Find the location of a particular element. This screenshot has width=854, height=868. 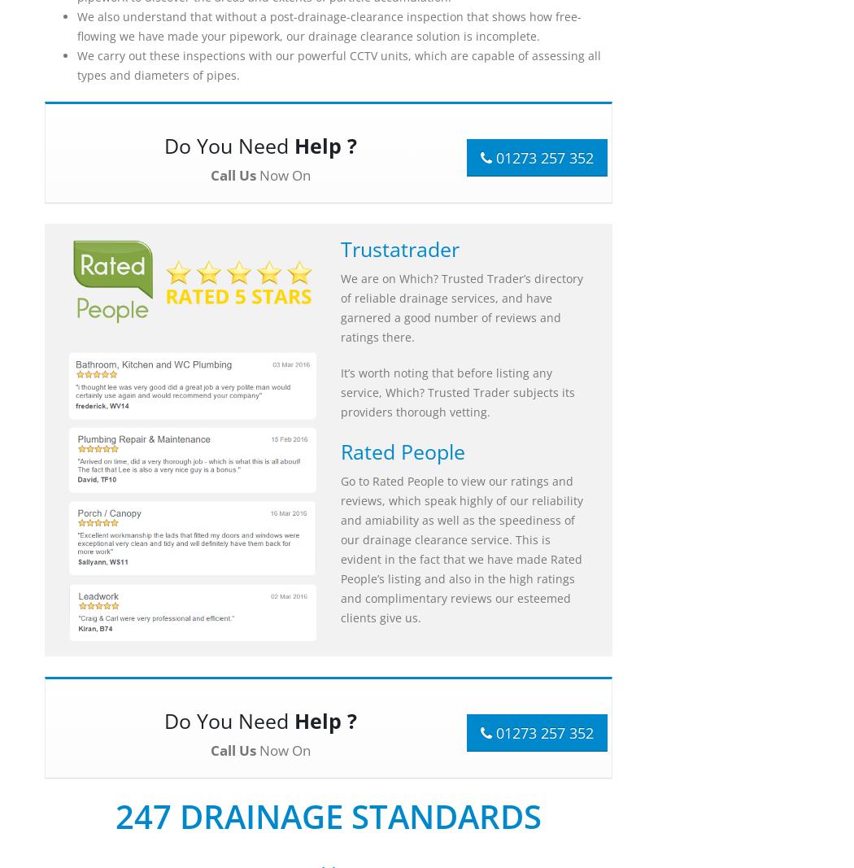

'Go to Rated People to view our ratings and reviews, which speak highly of our reliability and amiability as well as the speediness of our drainage clearance service. This is evident in the fact that we have made Rated People’s listing and also in the high ratings and complimentary reviews our esteemed clients give us.' is located at coordinates (339, 549).